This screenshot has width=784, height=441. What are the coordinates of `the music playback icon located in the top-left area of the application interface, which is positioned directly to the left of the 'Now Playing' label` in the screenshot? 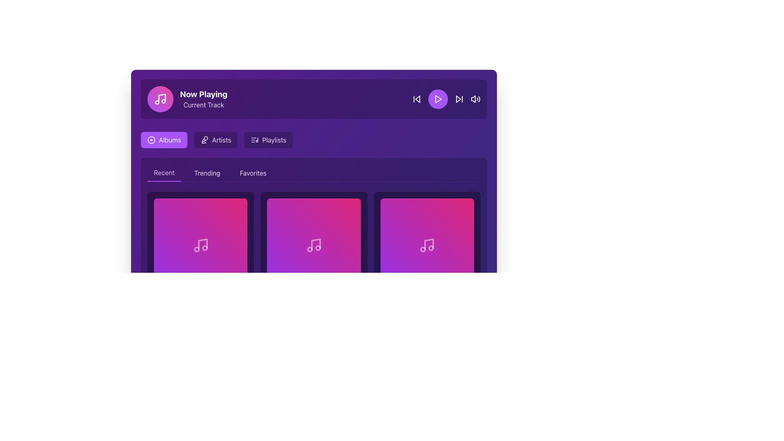 It's located at (160, 99).